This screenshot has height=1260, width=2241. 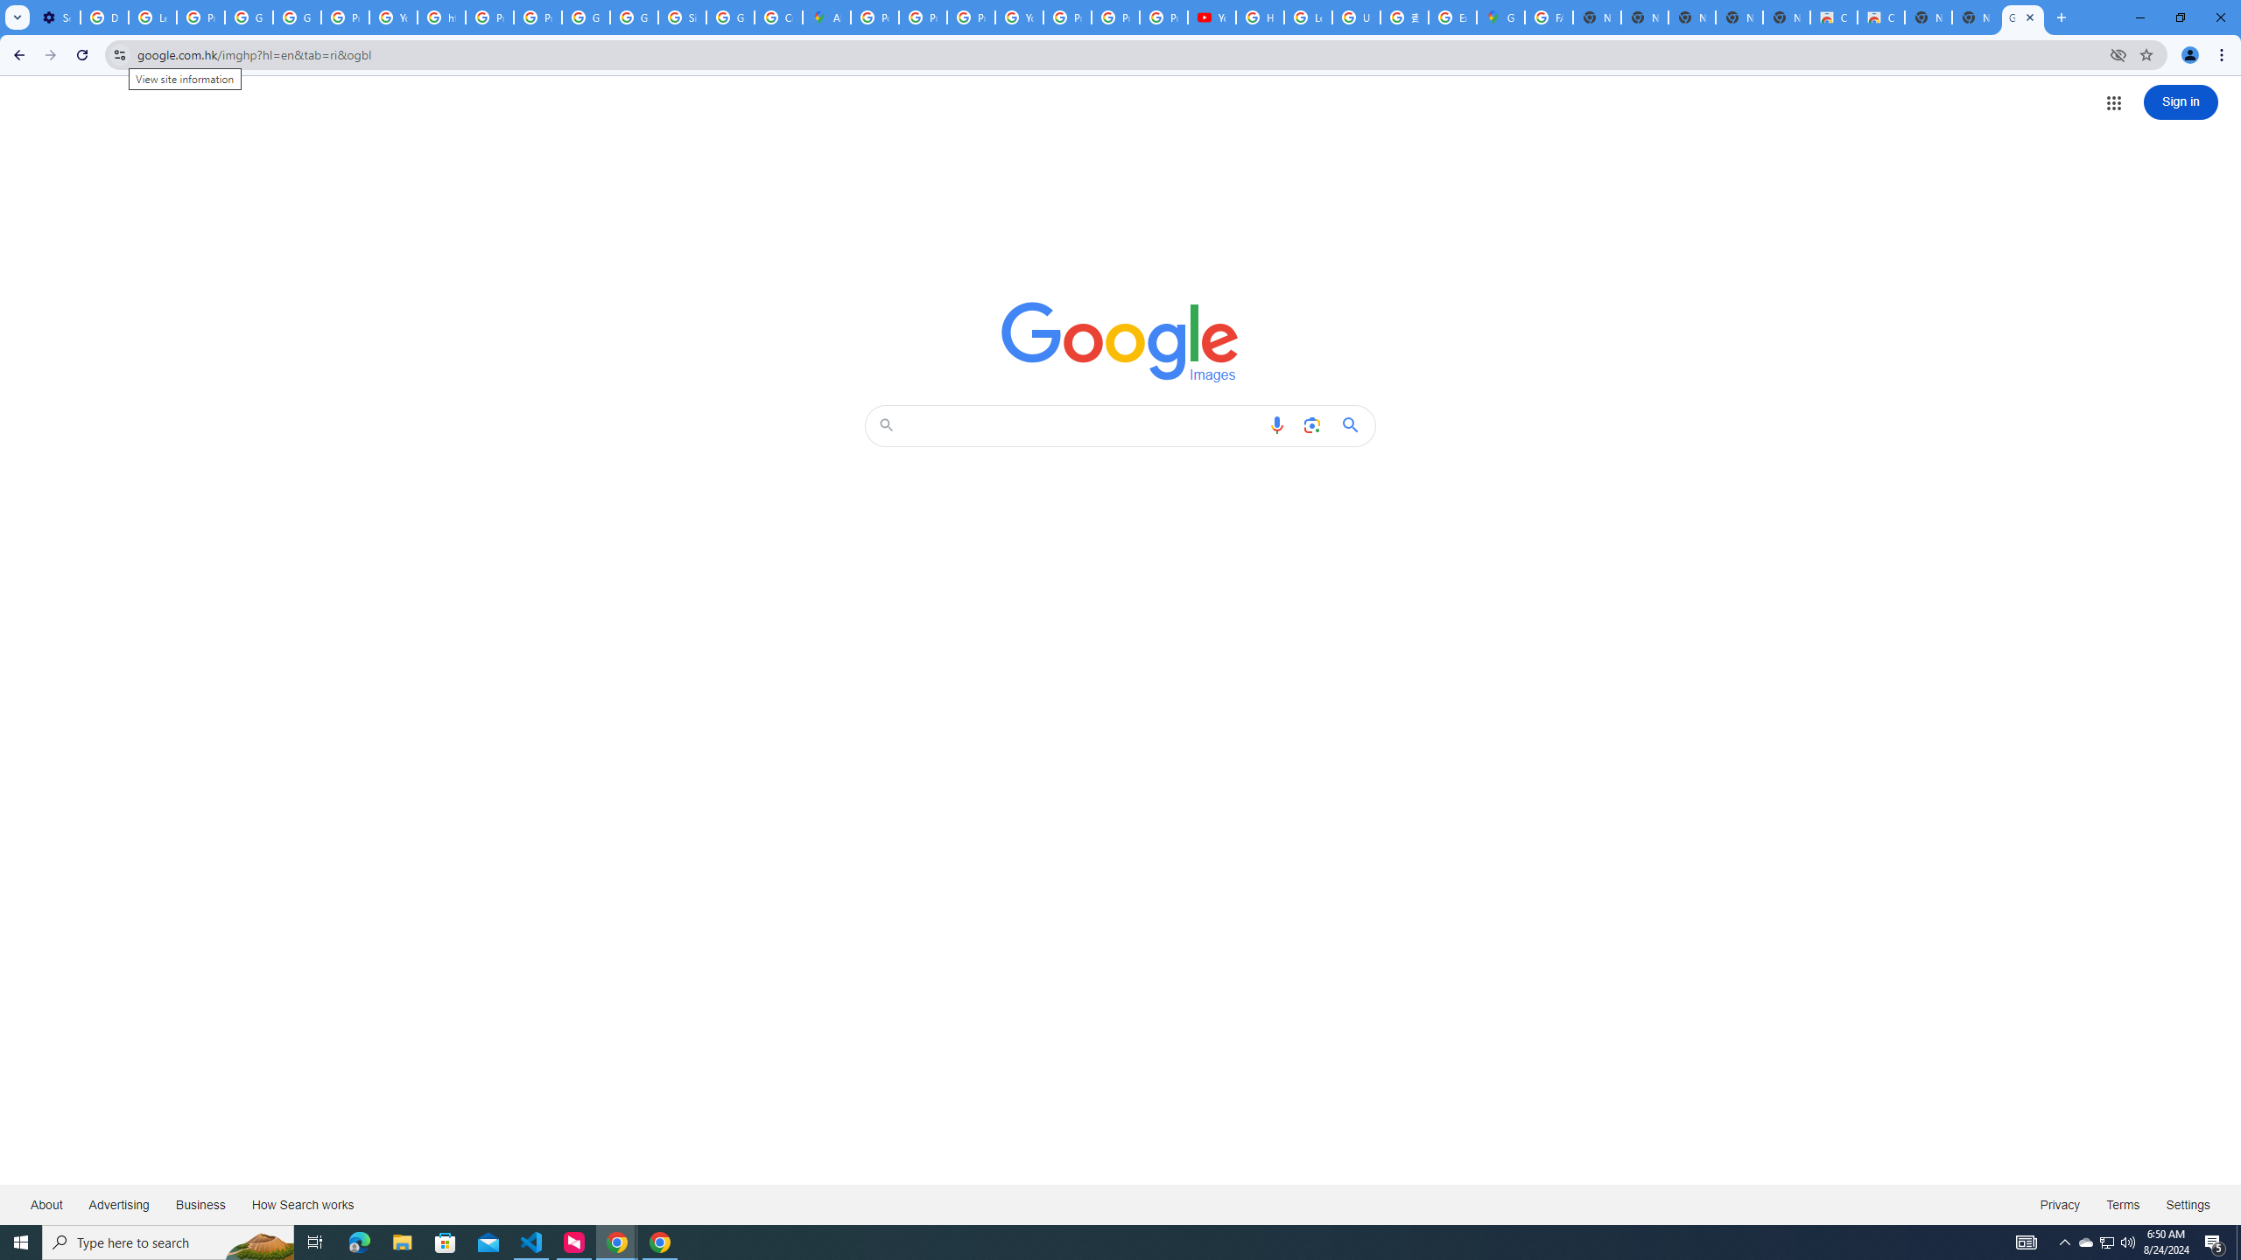 What do you see at coordinates (777, 17) in the screenshot?
I see `'Create your Google Account'` at bounding box center [777, 17].